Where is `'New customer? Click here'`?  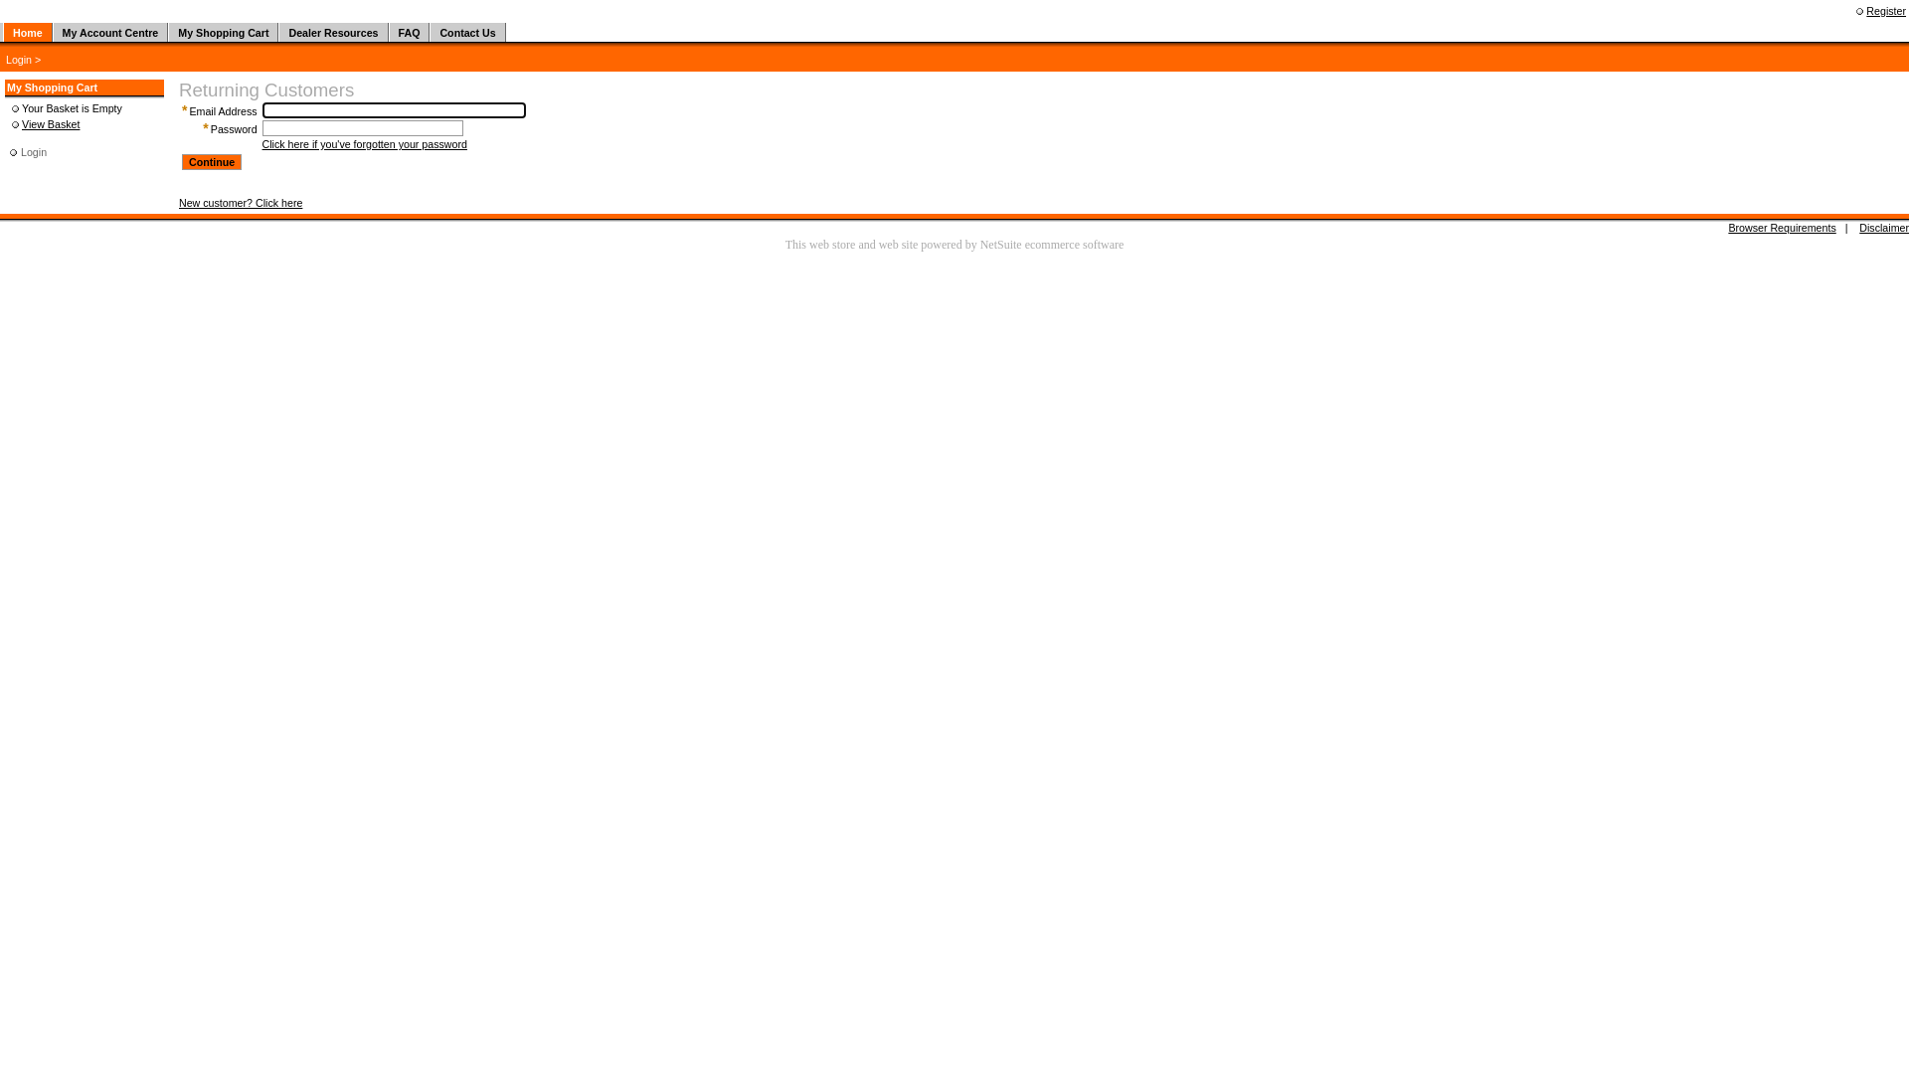 'New customer? Click here' is located at coordinates (239, 203).